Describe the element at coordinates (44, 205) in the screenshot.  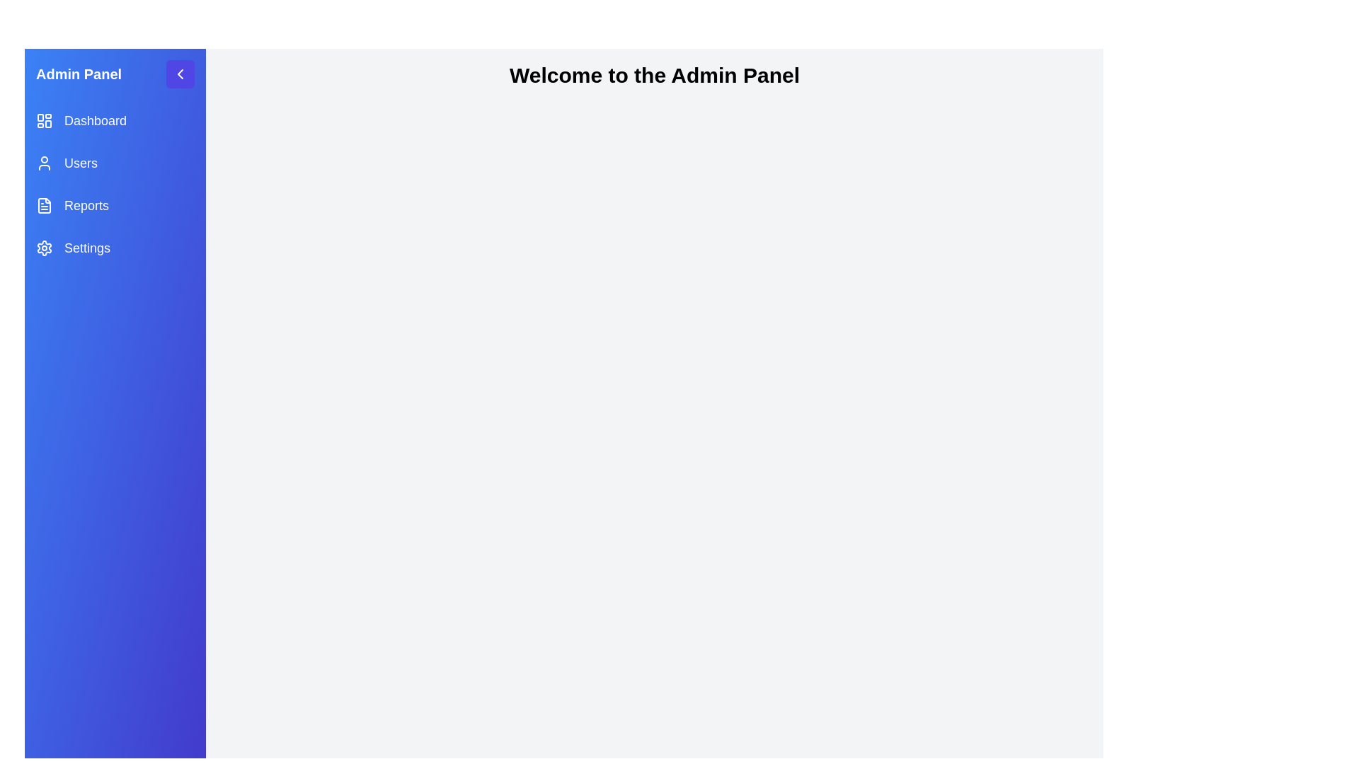
I see `the document icon with a folded corner located in the vertical navigation menu next to the 'Reports' label` at that location.